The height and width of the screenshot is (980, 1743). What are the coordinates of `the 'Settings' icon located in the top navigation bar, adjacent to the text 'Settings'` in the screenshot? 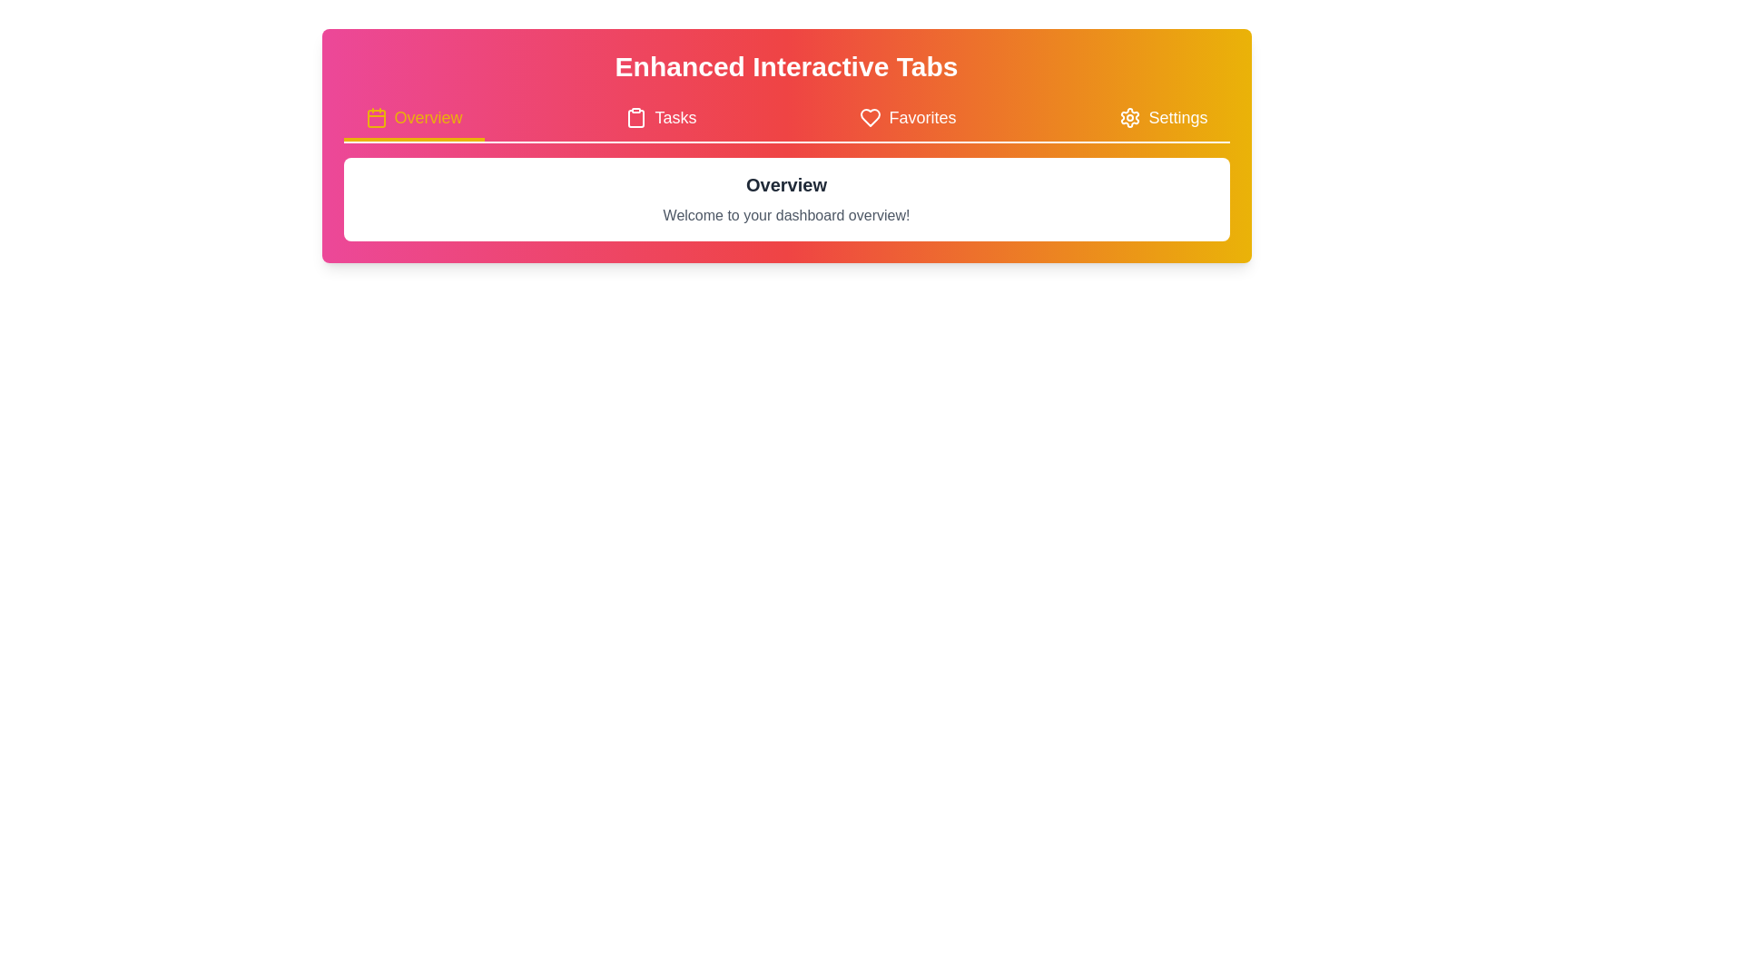 It's located at (1129, 118).